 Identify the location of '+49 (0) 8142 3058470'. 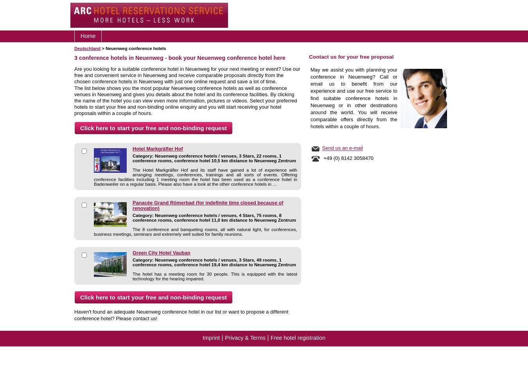
(347, 158).